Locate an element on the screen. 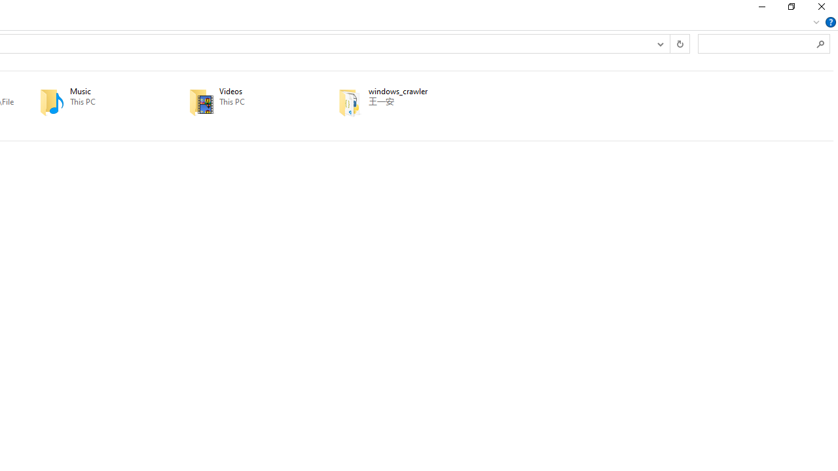 The image size is (838, 471). 'windows_crawler' is located at coordinates (393, 101).